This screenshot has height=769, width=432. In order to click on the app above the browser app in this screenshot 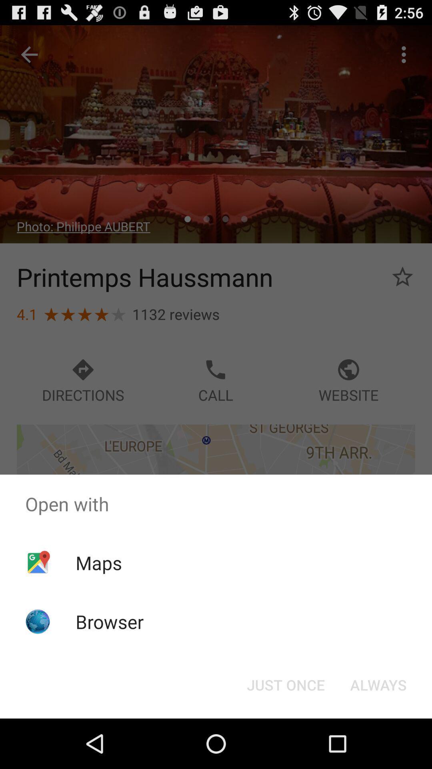, I will do `click(98, 562)`.